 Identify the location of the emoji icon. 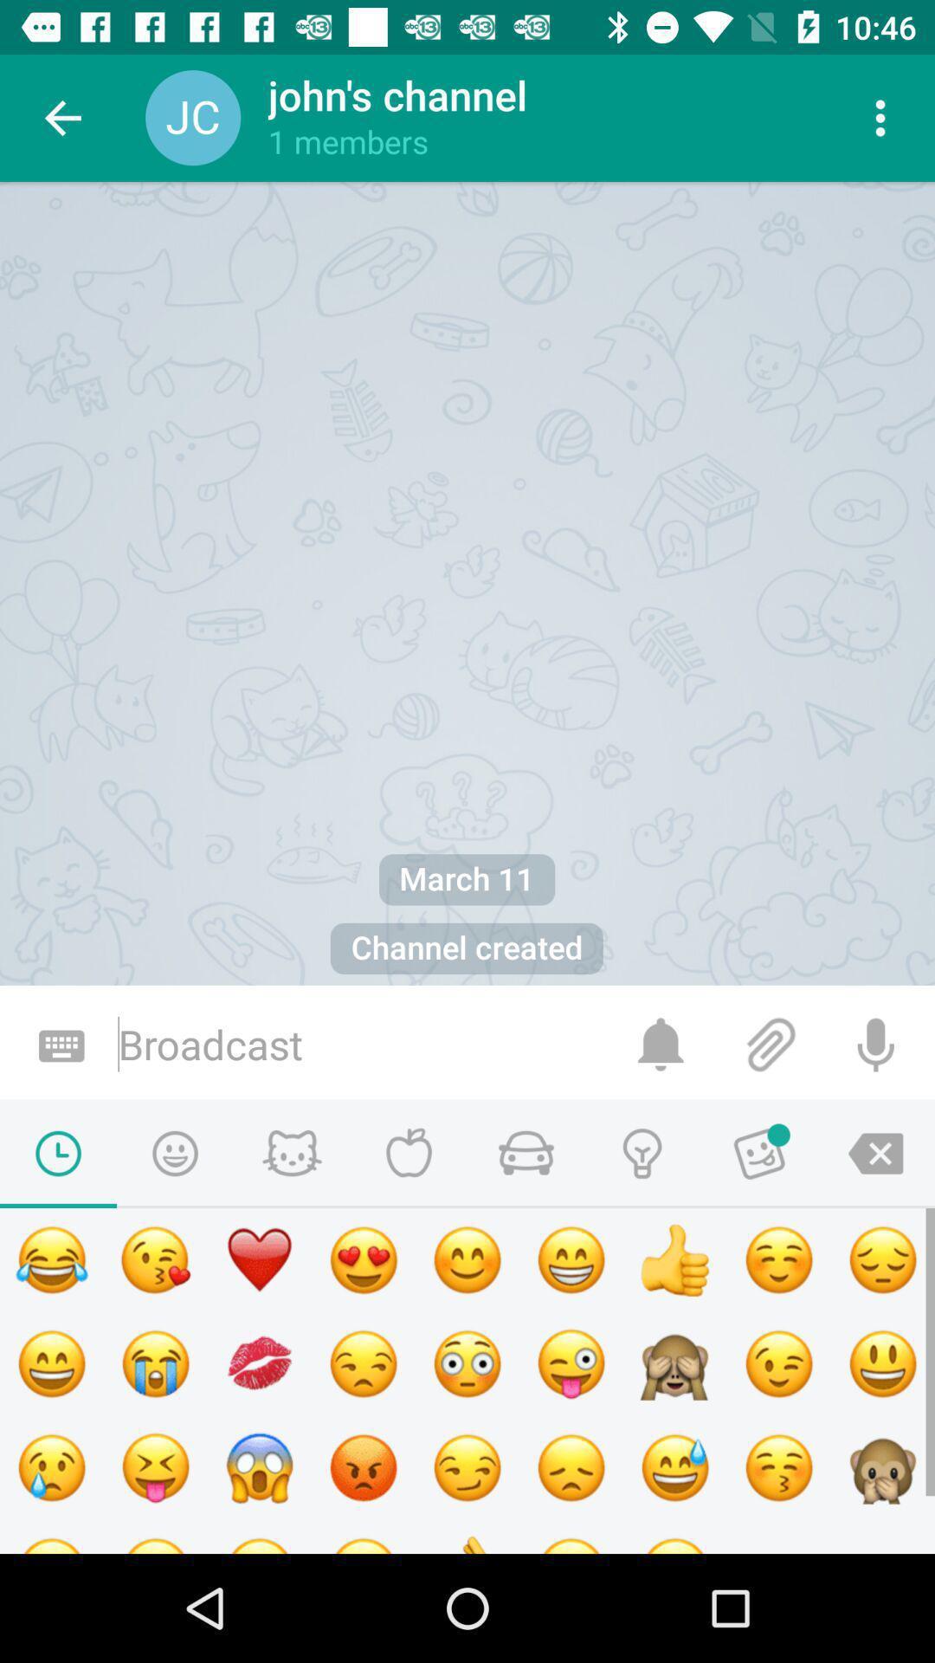
(674, 1466).